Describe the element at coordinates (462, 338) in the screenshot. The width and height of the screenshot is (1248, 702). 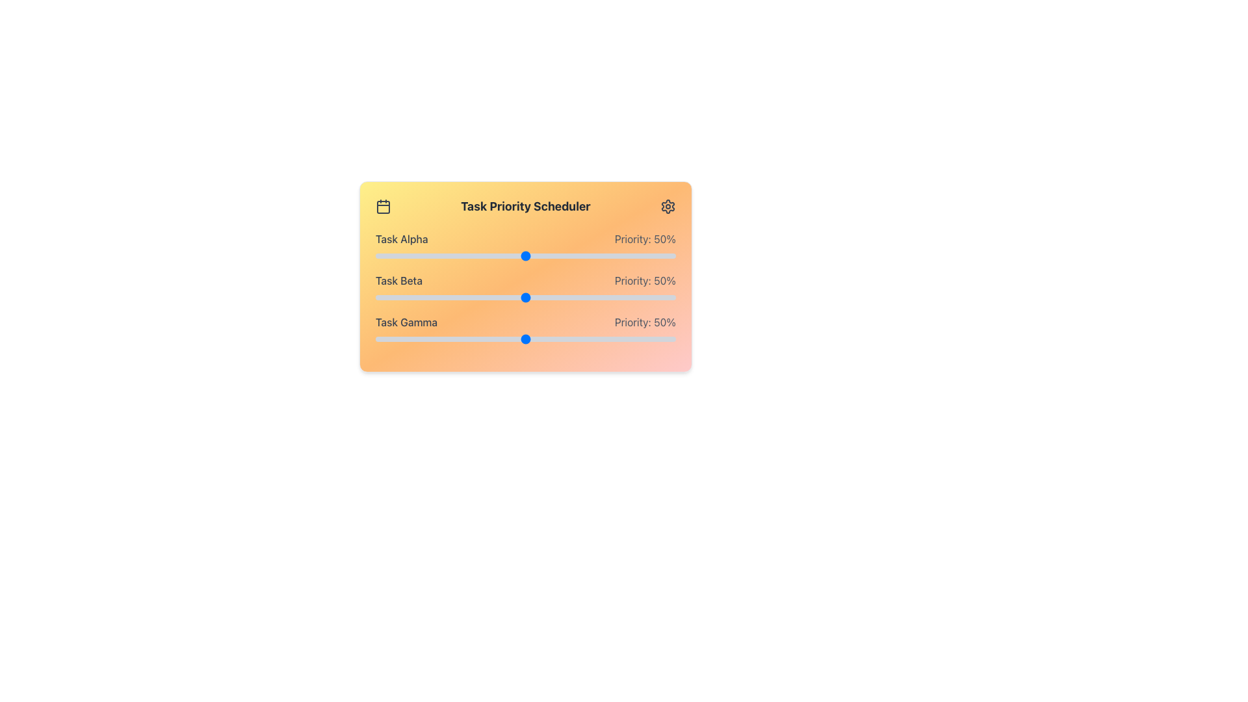
I see `task priority` at that location.